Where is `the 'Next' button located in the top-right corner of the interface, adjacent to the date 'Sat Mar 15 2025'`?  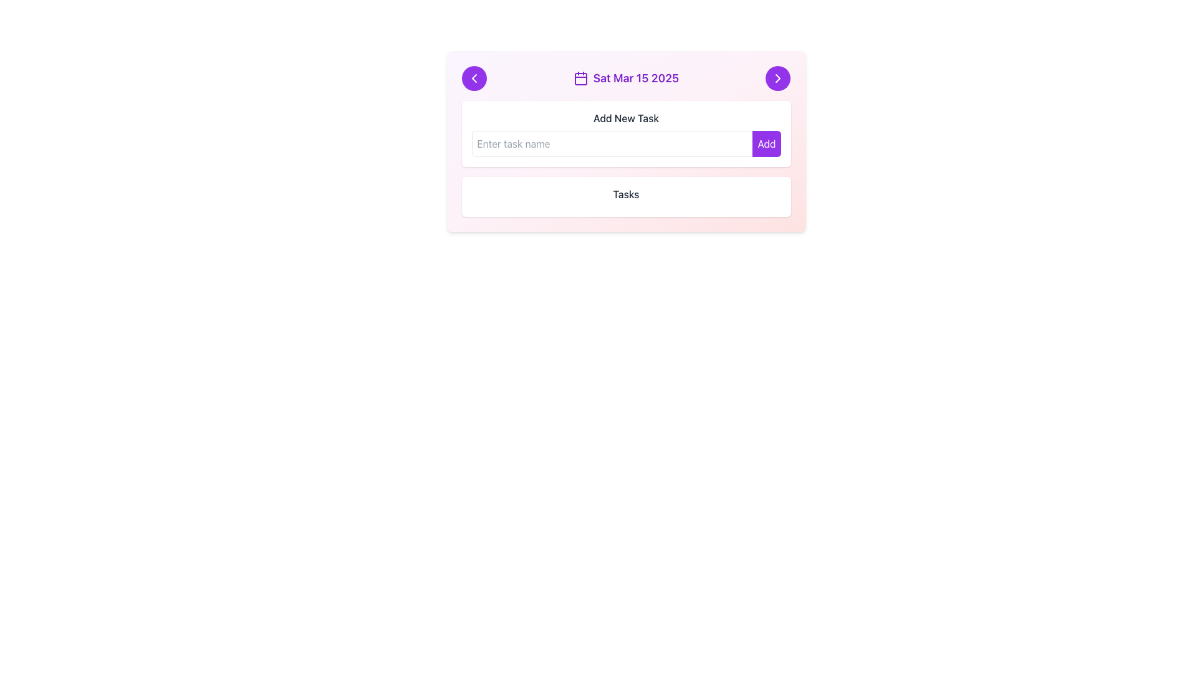
the 'Next' button located in the top-right corner of the interface, adjacent to the date 'Sat Mar 15 2025' is located at coordinates (777, 79).